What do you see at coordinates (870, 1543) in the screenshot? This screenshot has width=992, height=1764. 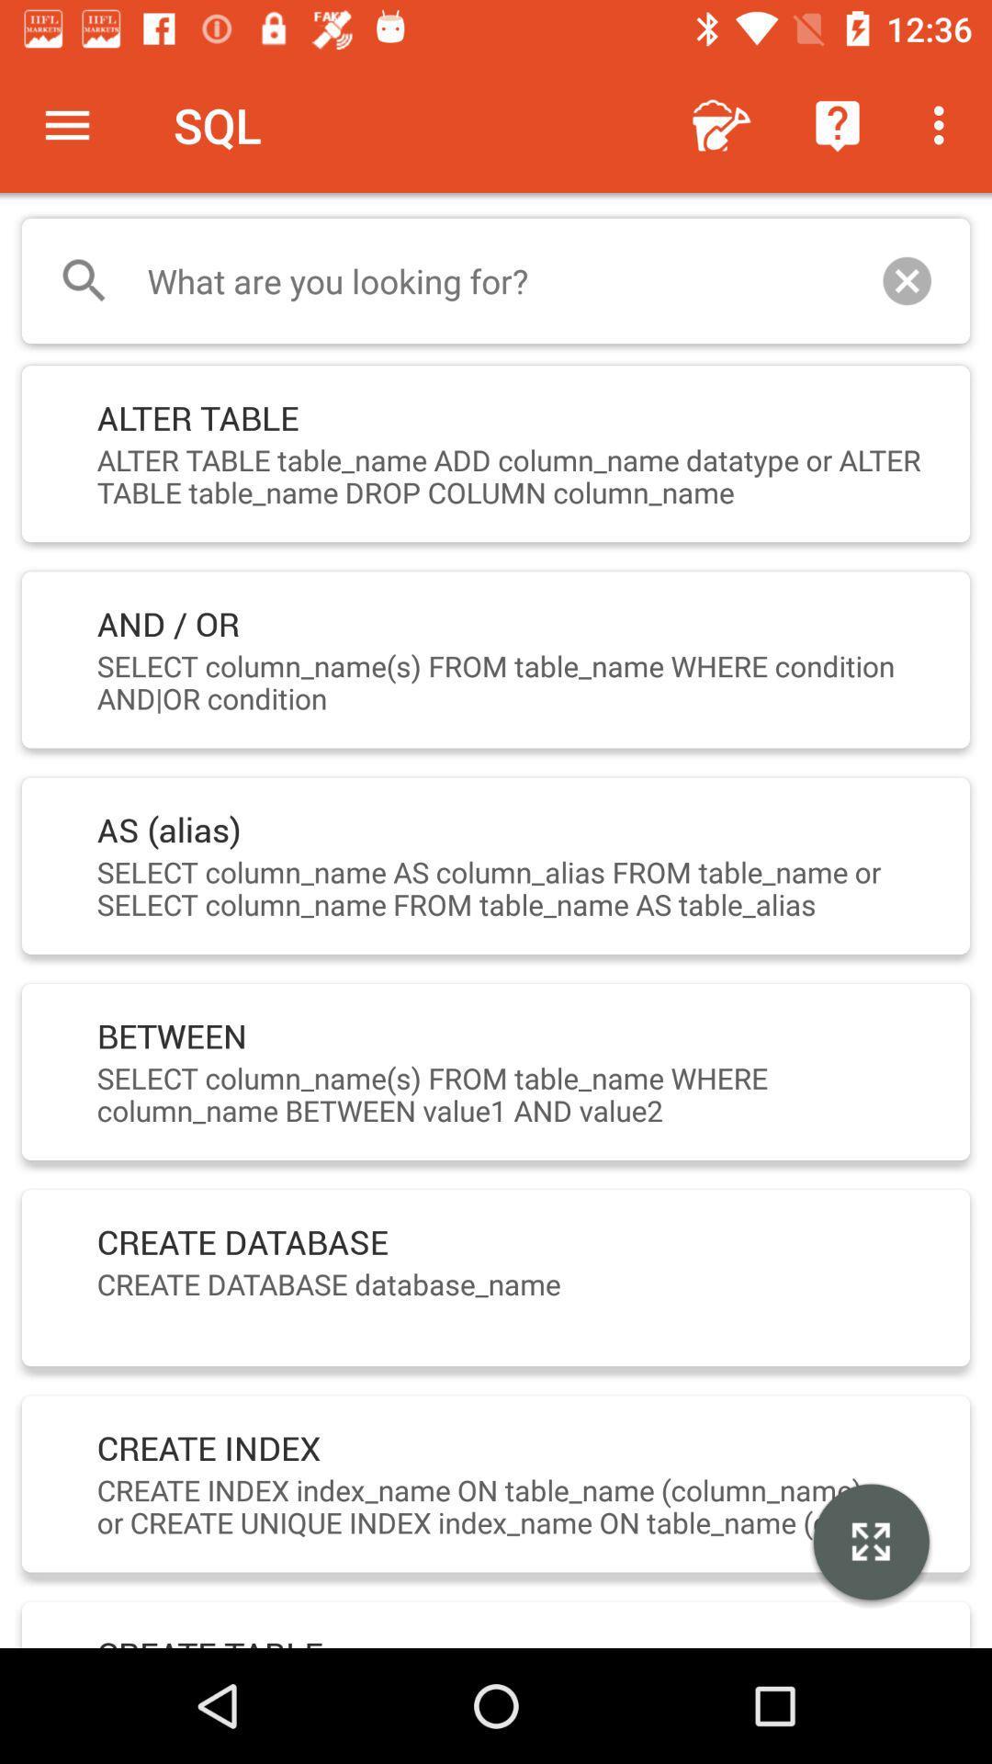 I see `icon to the right of the create index` at bounding box center [870, 1543].